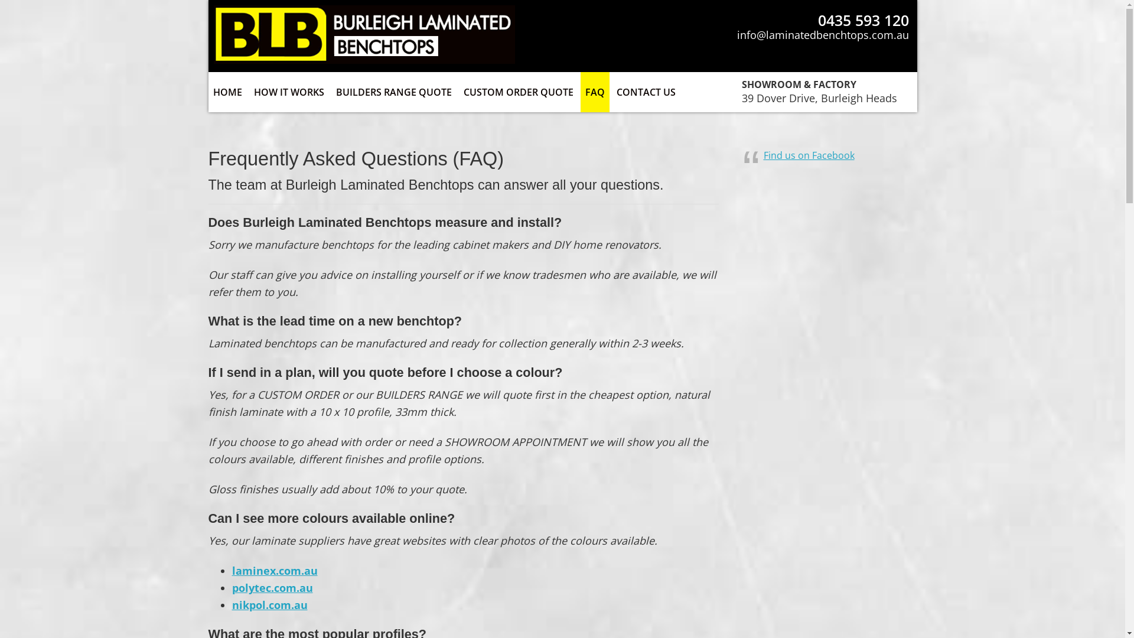 This screenshot has height=638, width=1134. What do you see at coordinates (271, 588) in the screenshot?
I see `'polytec.com.au'` at bounding box center [271, 588].